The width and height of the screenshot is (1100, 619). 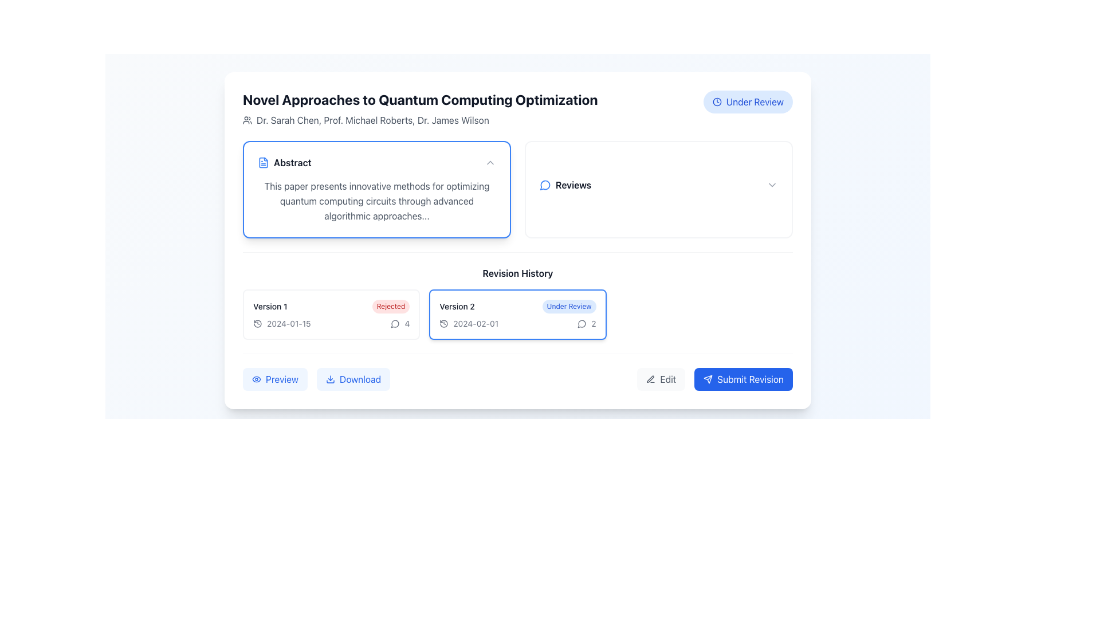 What do you see at coordinates (353, 379) in the screenshot?
I see `the download button located in the lower section of the interface, to the right of the 'Preview' button` at bounding box center [353, 379].